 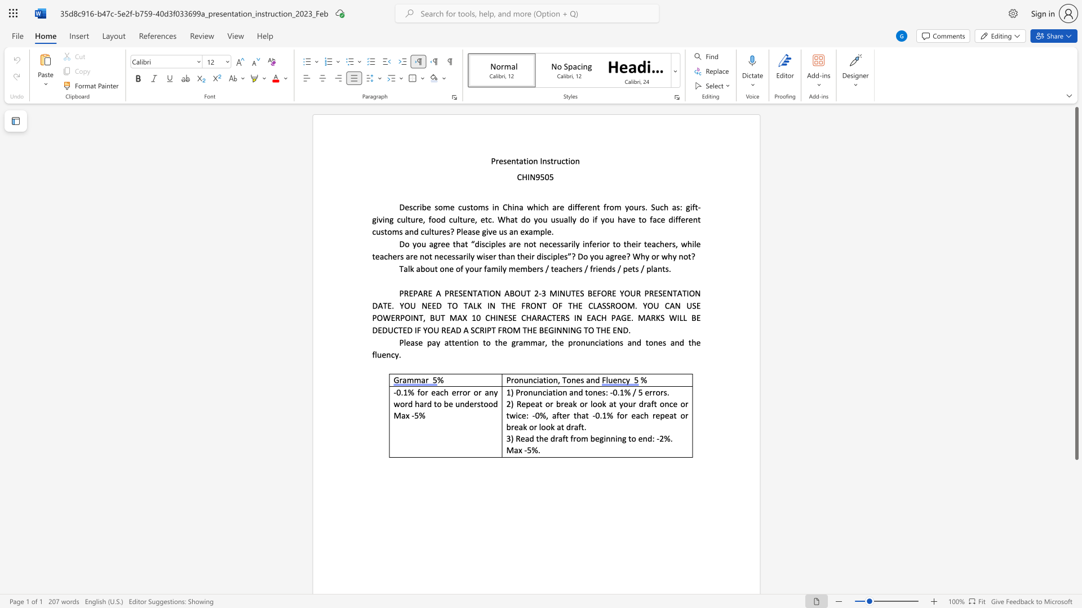 What do you see at coordinates (544, 380) in the screenshot?
I see `the 1th character "t" in the text` at bounding box center [544, 380].